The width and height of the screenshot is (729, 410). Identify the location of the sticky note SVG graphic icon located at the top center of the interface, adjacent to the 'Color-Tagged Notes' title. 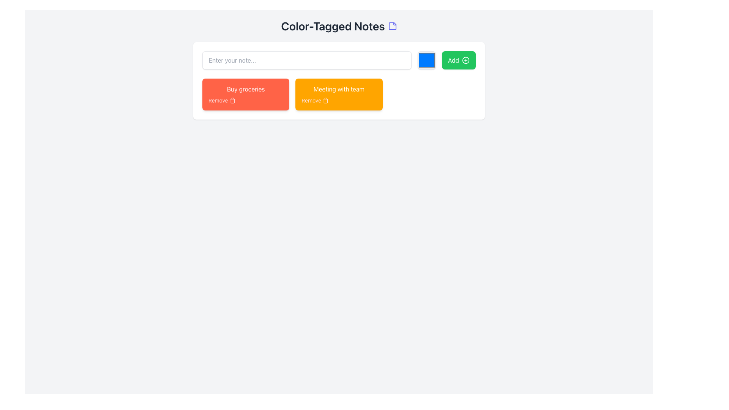
(392, 26).